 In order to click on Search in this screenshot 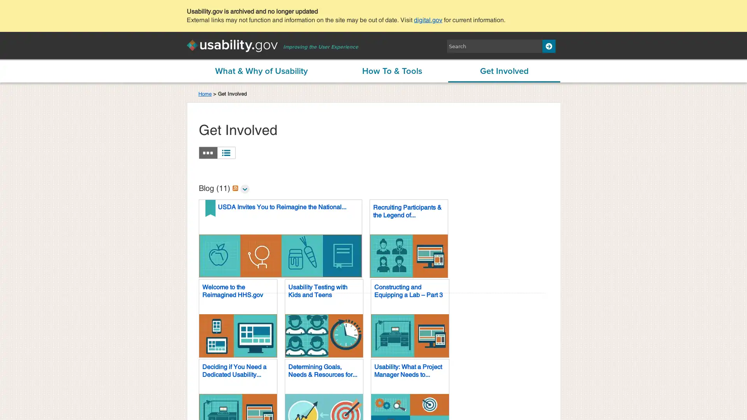, I will do `click(549, 46)`.